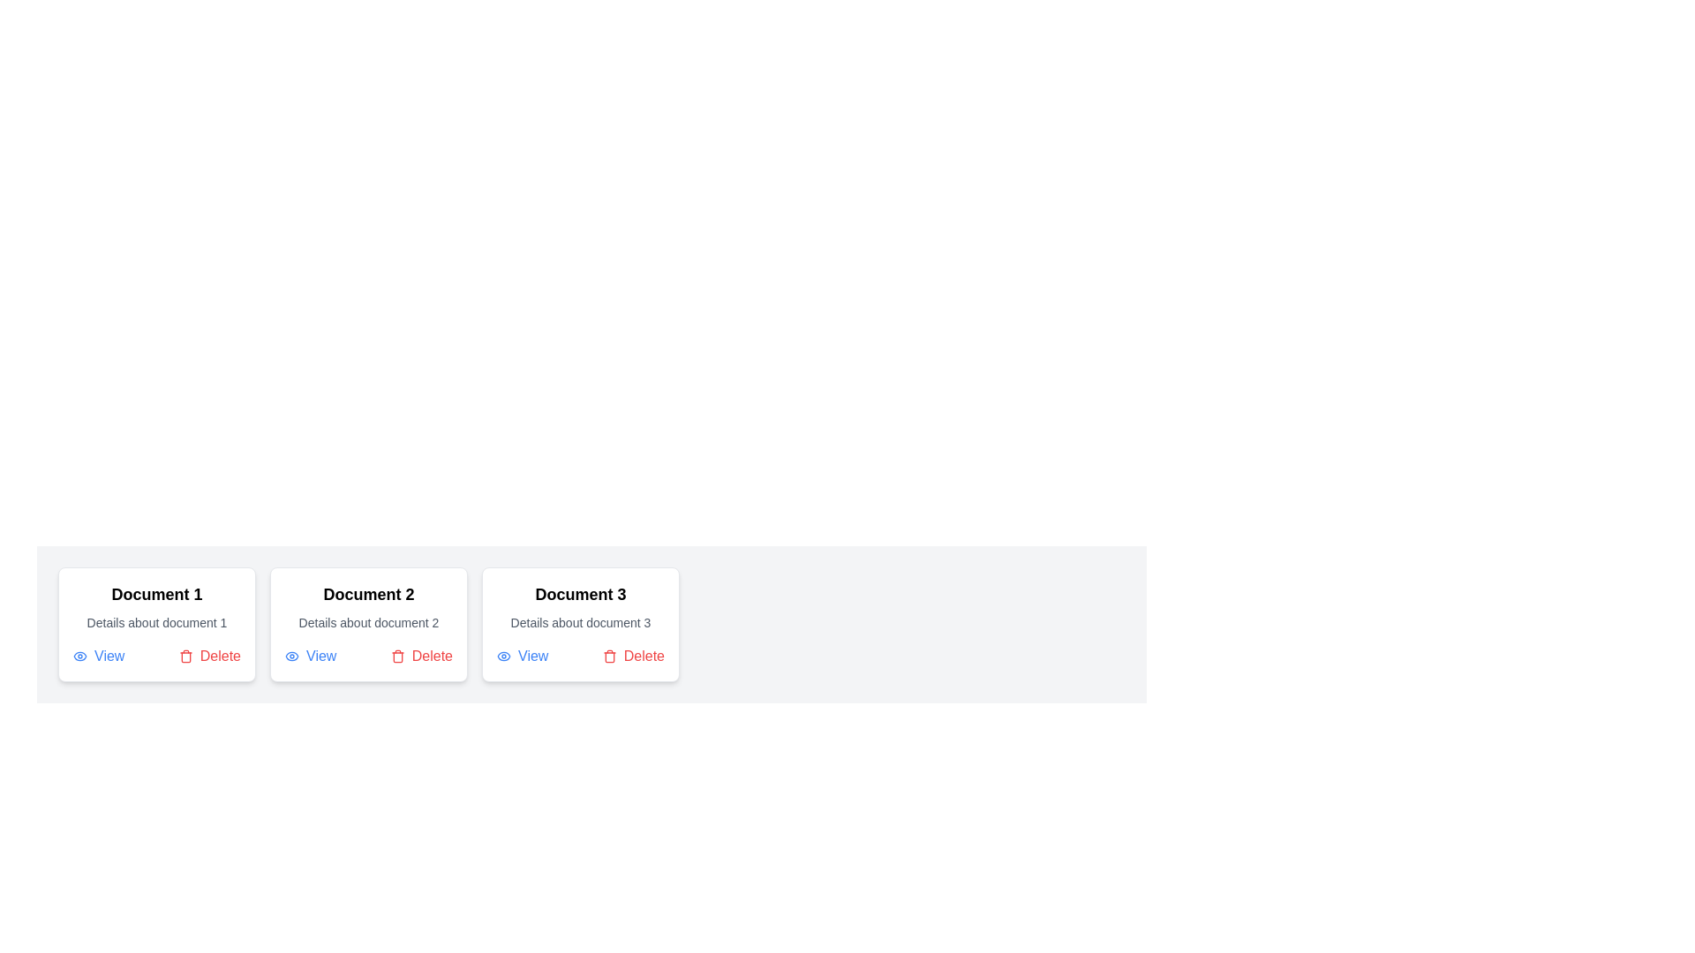  Describe the element at coordinates (292, 657) in the screenshot. I see `the eye icon within the 'View' button of the second card labeled 'Document 2'` at that location.